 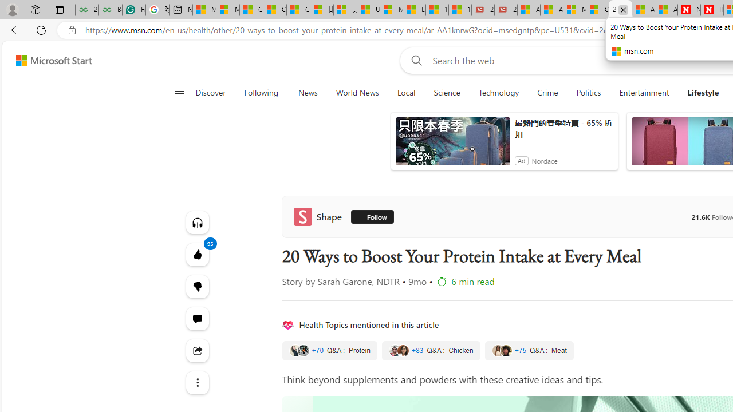 I want to click on 'Lifestyle - MSN', so click(x=413, y=10).